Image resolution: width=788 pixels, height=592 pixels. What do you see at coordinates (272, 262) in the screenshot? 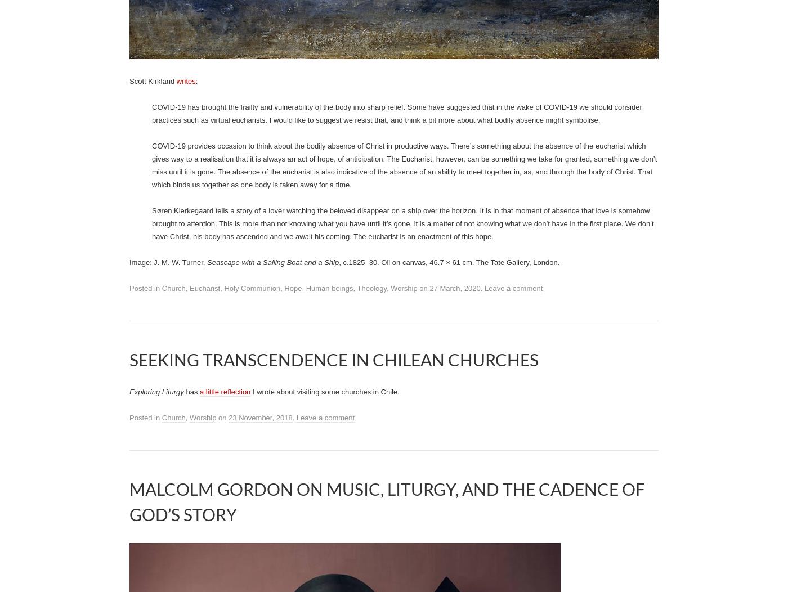
I see `'Seascape with a Sailing Boat and a Ship'` at bounding box center [272, 262].